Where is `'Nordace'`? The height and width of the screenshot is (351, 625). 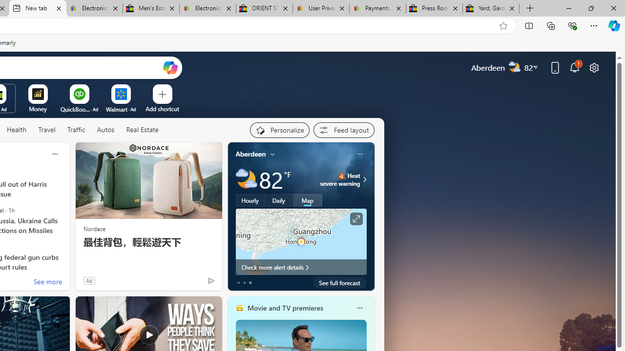 'Nordace' is located at coordinates (94, 228).